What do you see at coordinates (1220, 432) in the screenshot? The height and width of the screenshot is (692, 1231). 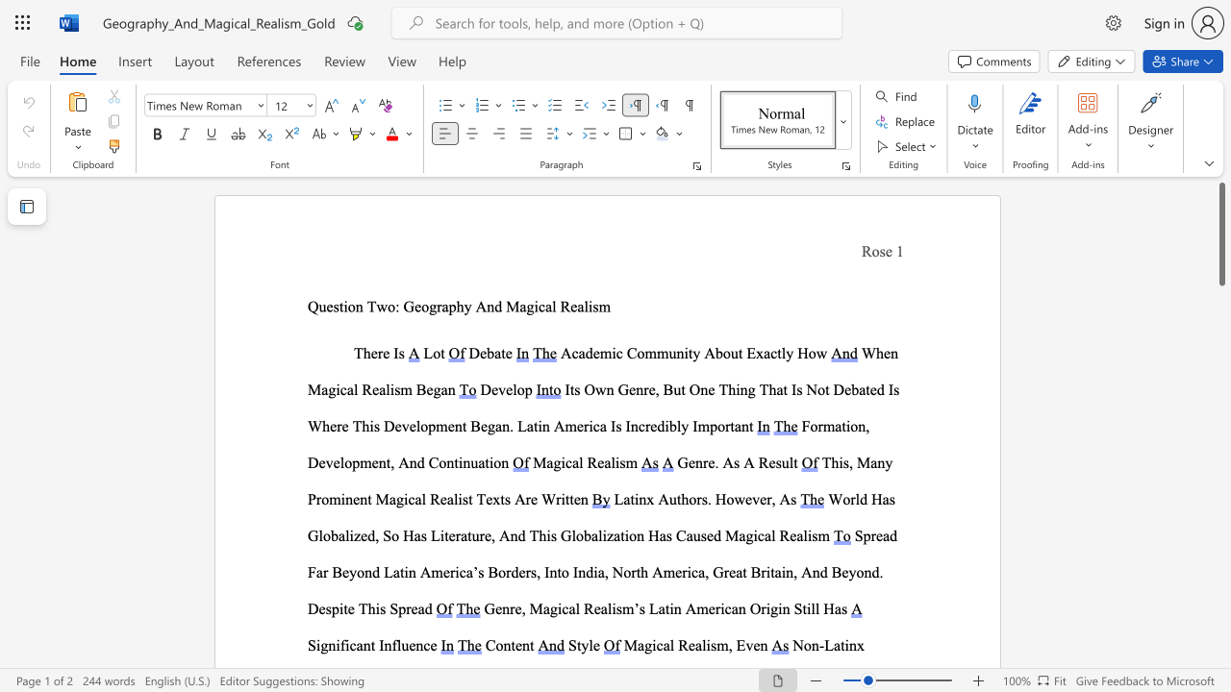 I see `the scrollbar to move the content lower` at bounding box center [1220, 432].